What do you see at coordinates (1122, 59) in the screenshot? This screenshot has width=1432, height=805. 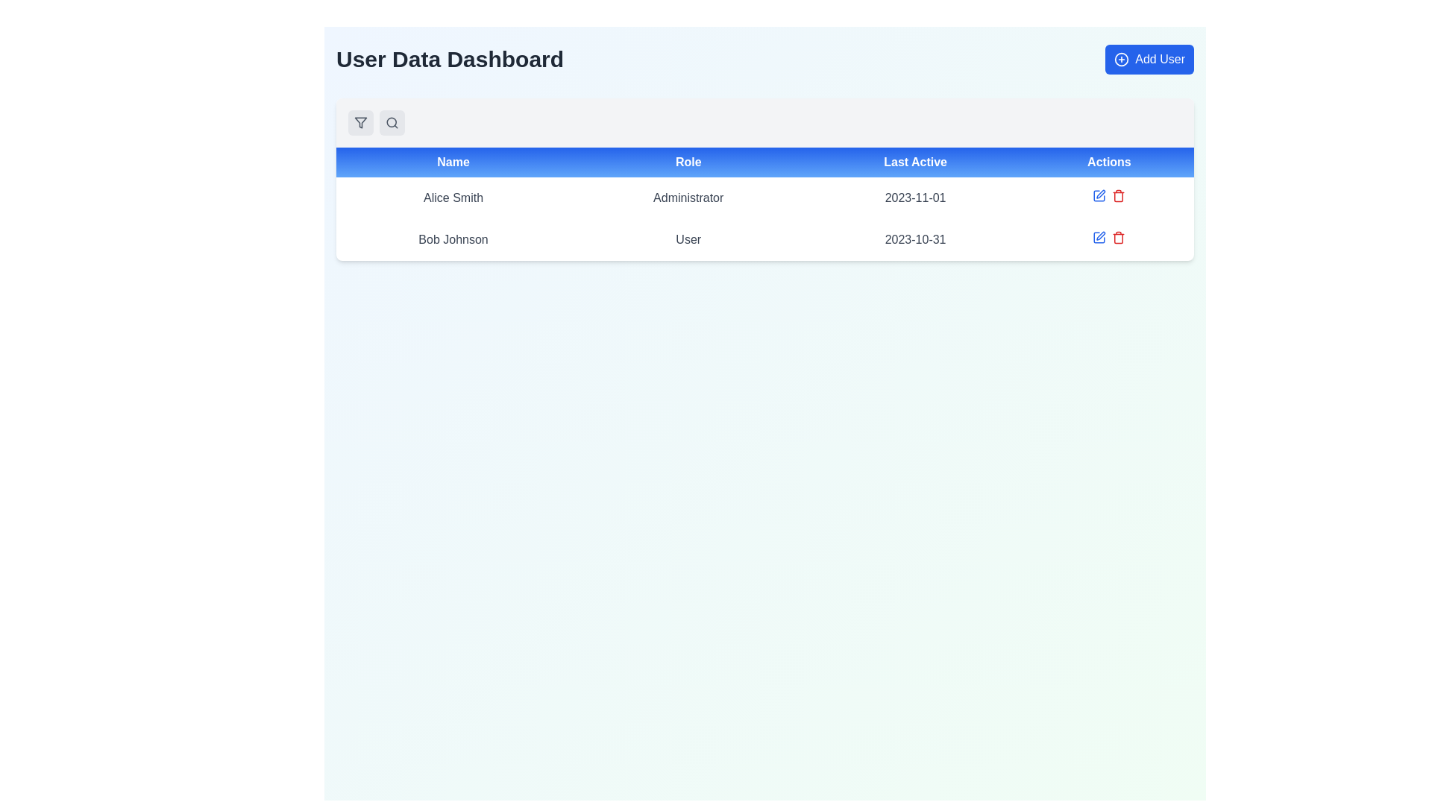 I see `the circular icon with a '+' symbol, styled in blue and white, located to the left of the 'Add User' text` at bounding box center [1122, 59].